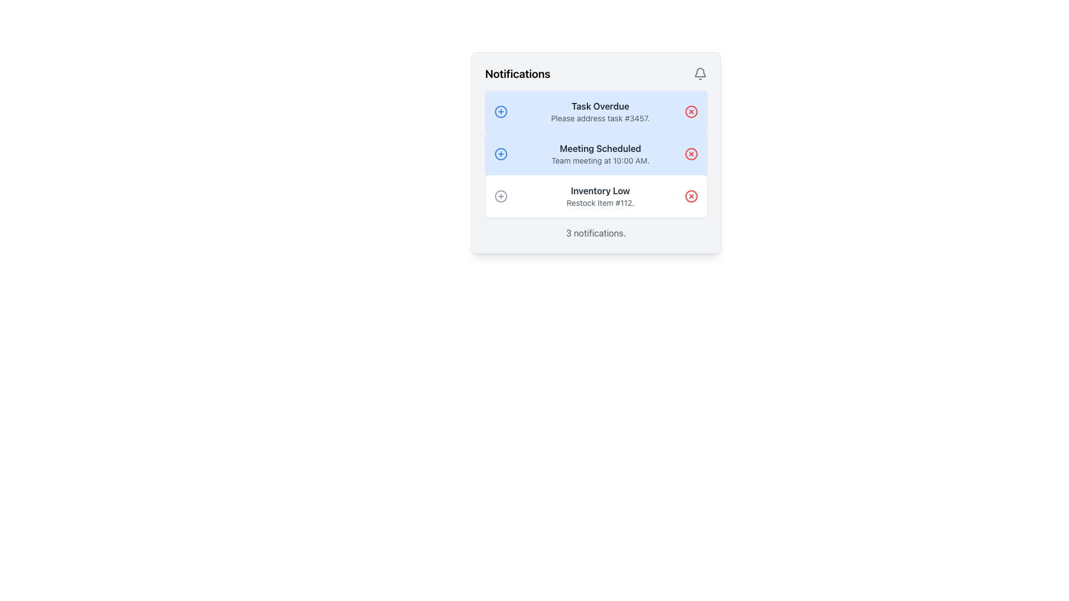 The width and height of the screenshot is (1069, 601). What do you see at coordinates (500, 154) in the screenshot?
I see `the Circle icon representing the 'Meeting Scheduled' notification, located to the left of the notification text` at bounding box center [500, 154].